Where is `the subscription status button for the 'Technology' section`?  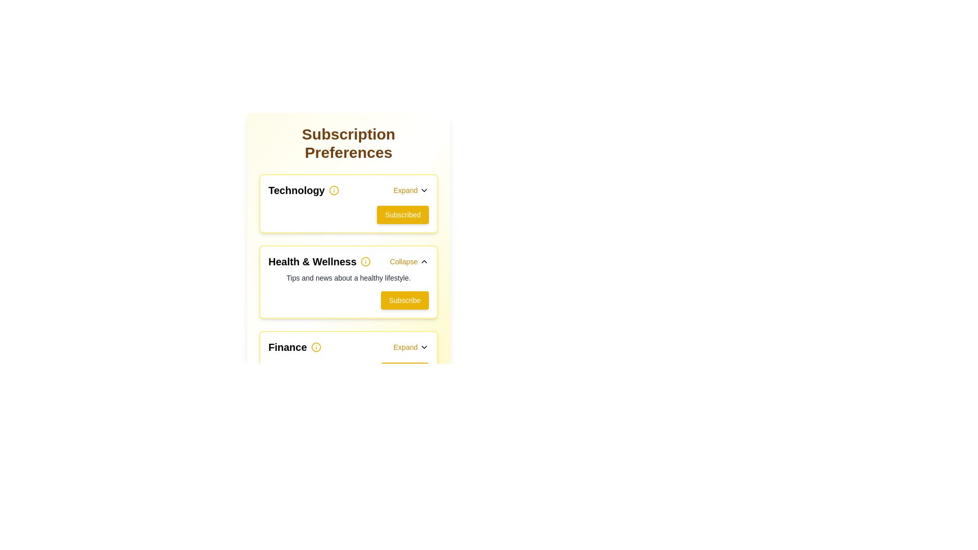 the subscription status button for the 'Technology' section is located at coordinates (348, 214).